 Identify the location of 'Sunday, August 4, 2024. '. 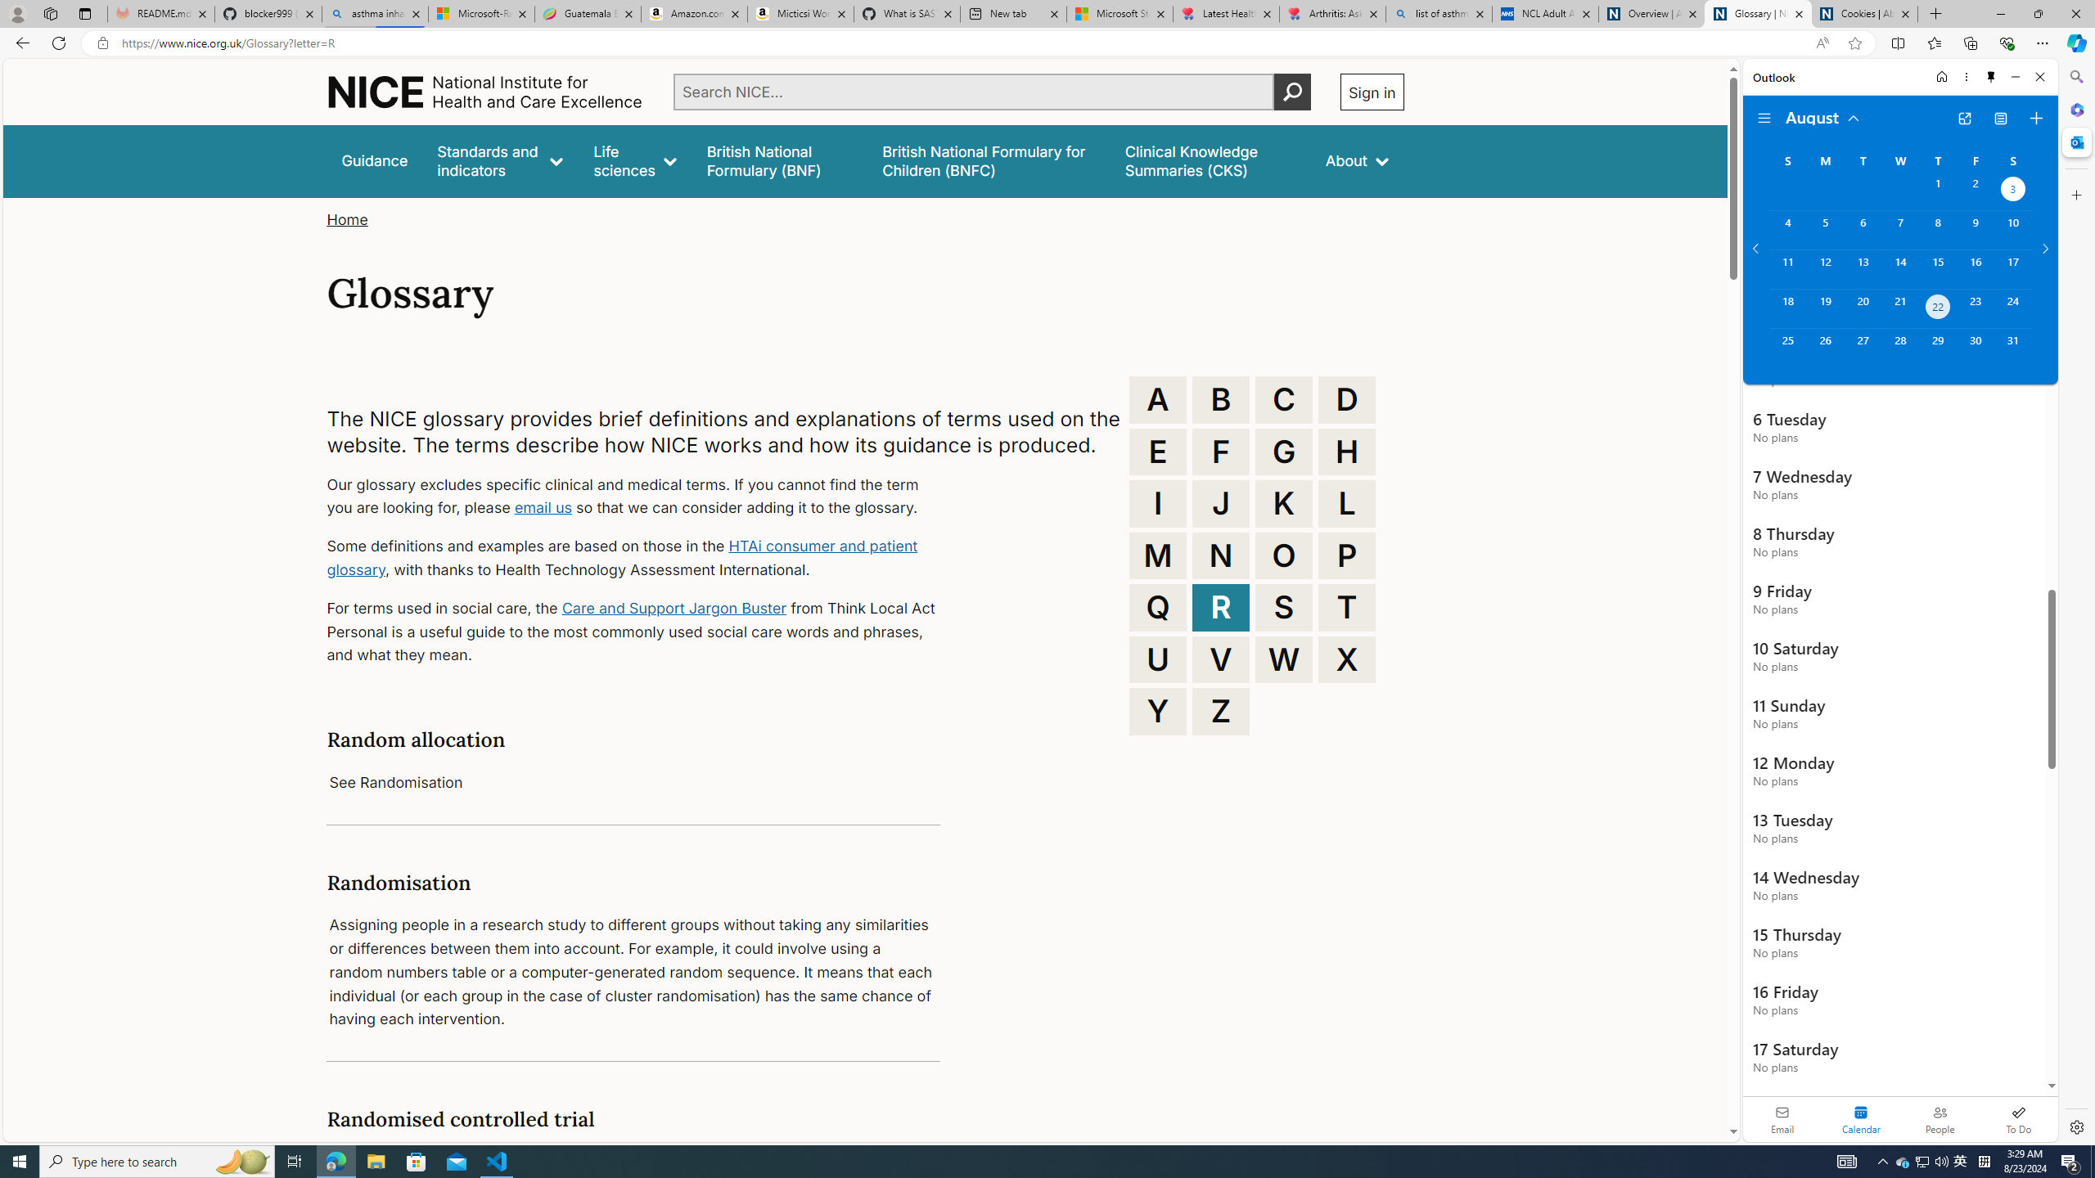
(1787, 229).